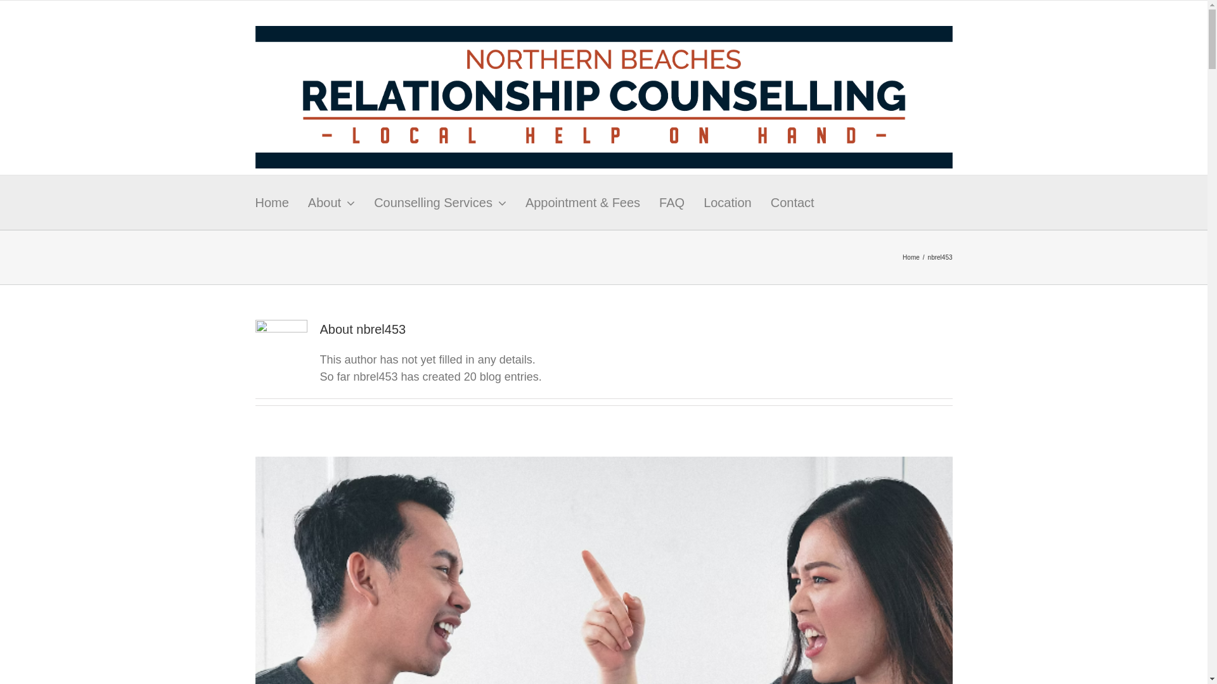  Describe the element at coordinates (671, 201) in the screenshot. I see `'FAQ'` at that location.